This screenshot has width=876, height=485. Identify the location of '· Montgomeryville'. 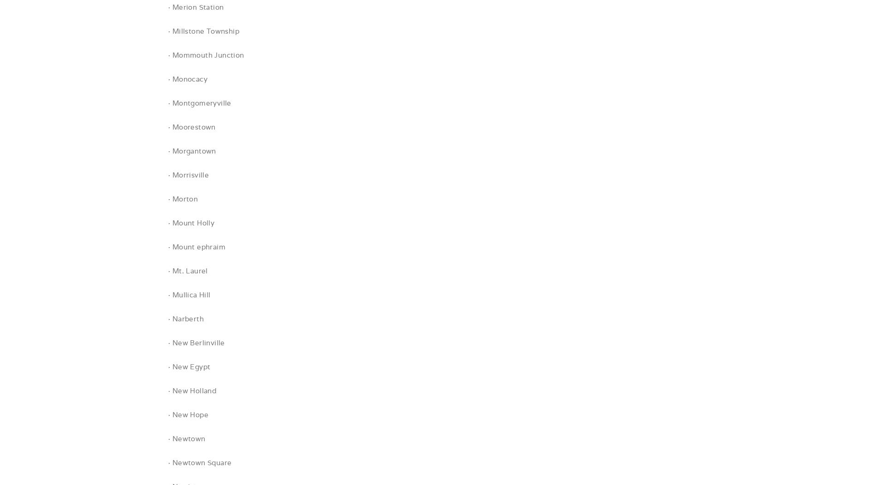
(199, 102).